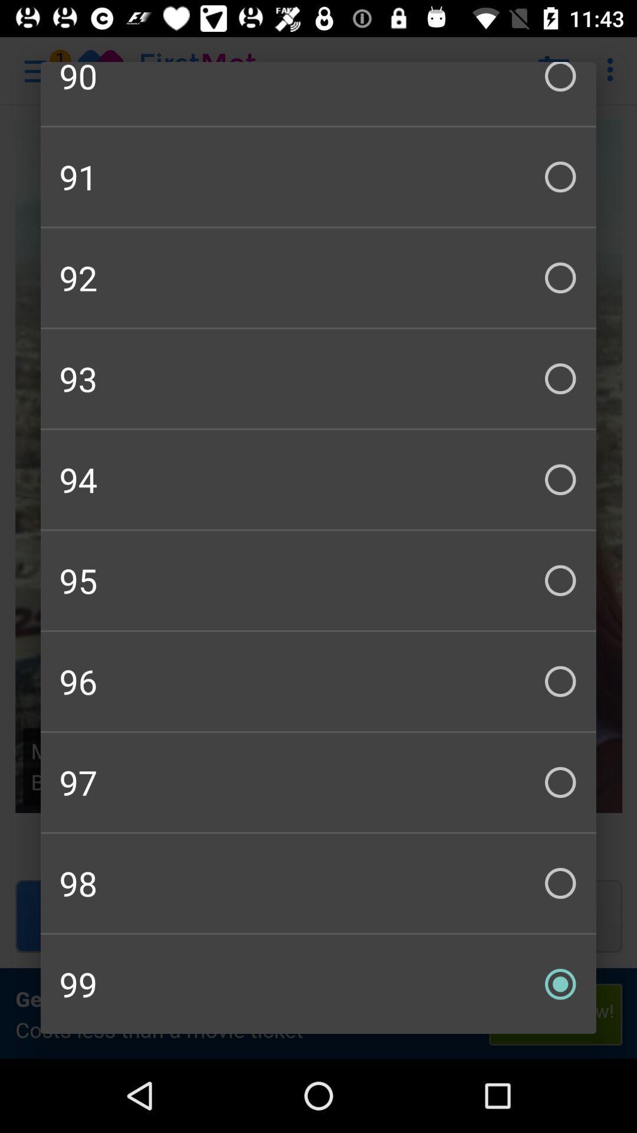 Image resolution: width=637 pixels, height=1133 pixels. Describe the element at coordinates (318, 277) in the screenshot. I see `92 item` at that location.